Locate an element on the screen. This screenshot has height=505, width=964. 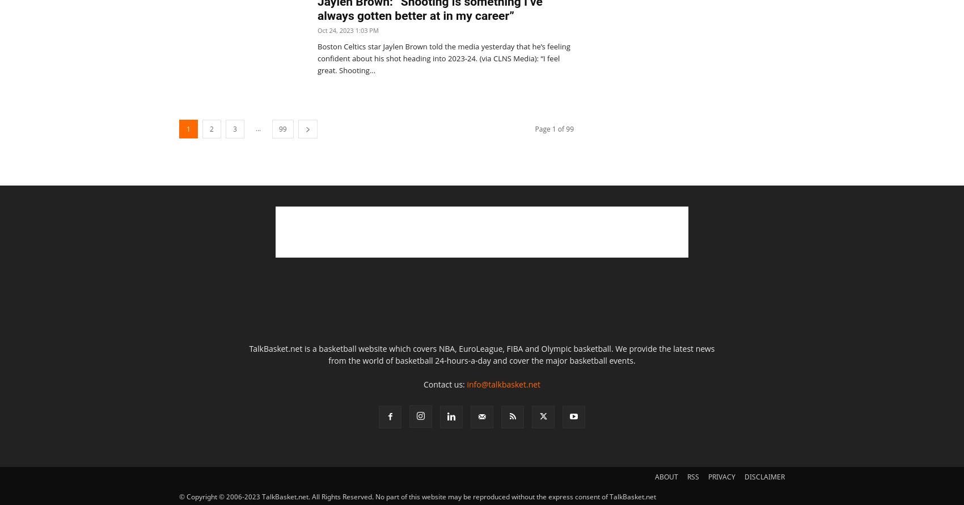
'Boston Celtics star Jaylen Brown told the media yesterday that he’s feeling confident about his shot heading into 2023-24. (via CLNS Media): “I feel great. Shooting...' is located at coordinates (443, 57).